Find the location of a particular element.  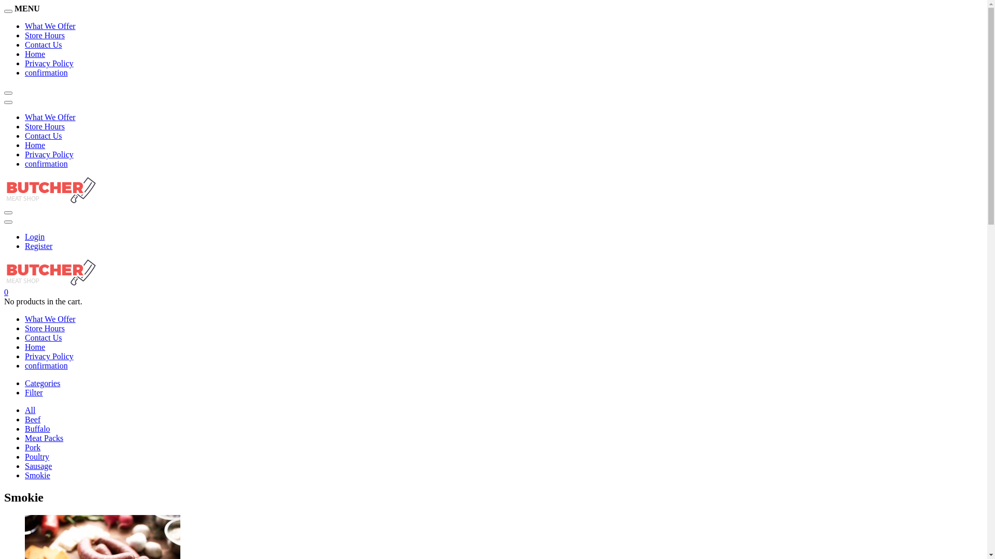

'Privacy Policy' is located at coordinates (49, 154).